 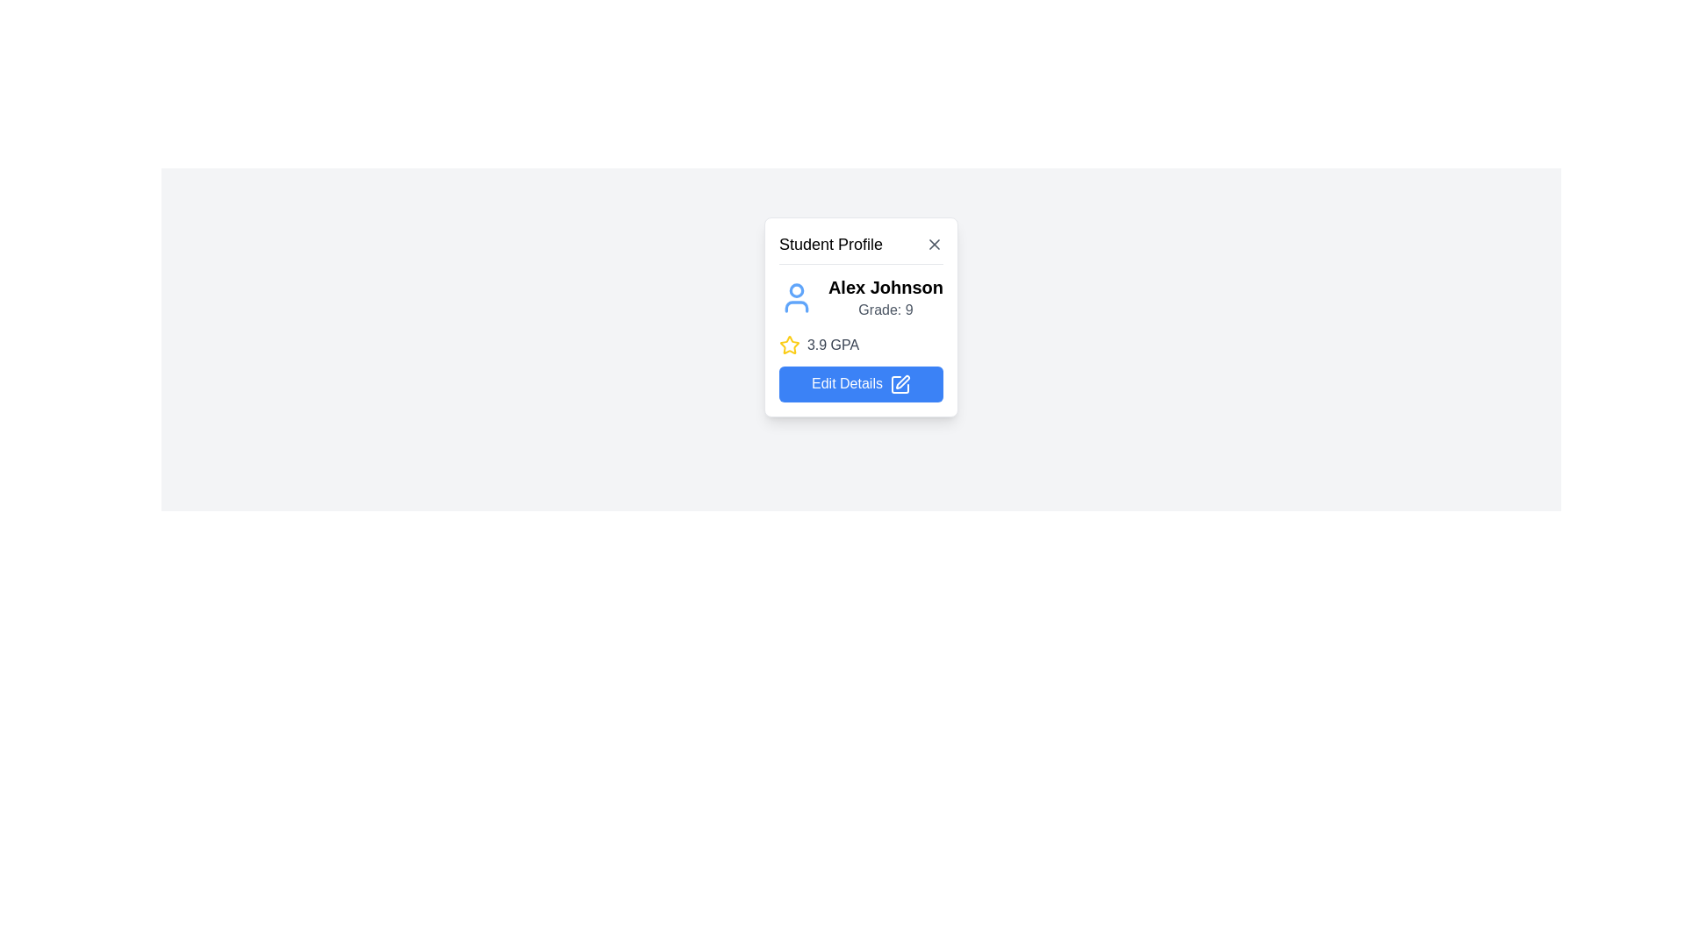 I want to click on the close button with an 'X' icon located at the top-right corner of the 'Student Profile' header, so click(x=934, y=244).